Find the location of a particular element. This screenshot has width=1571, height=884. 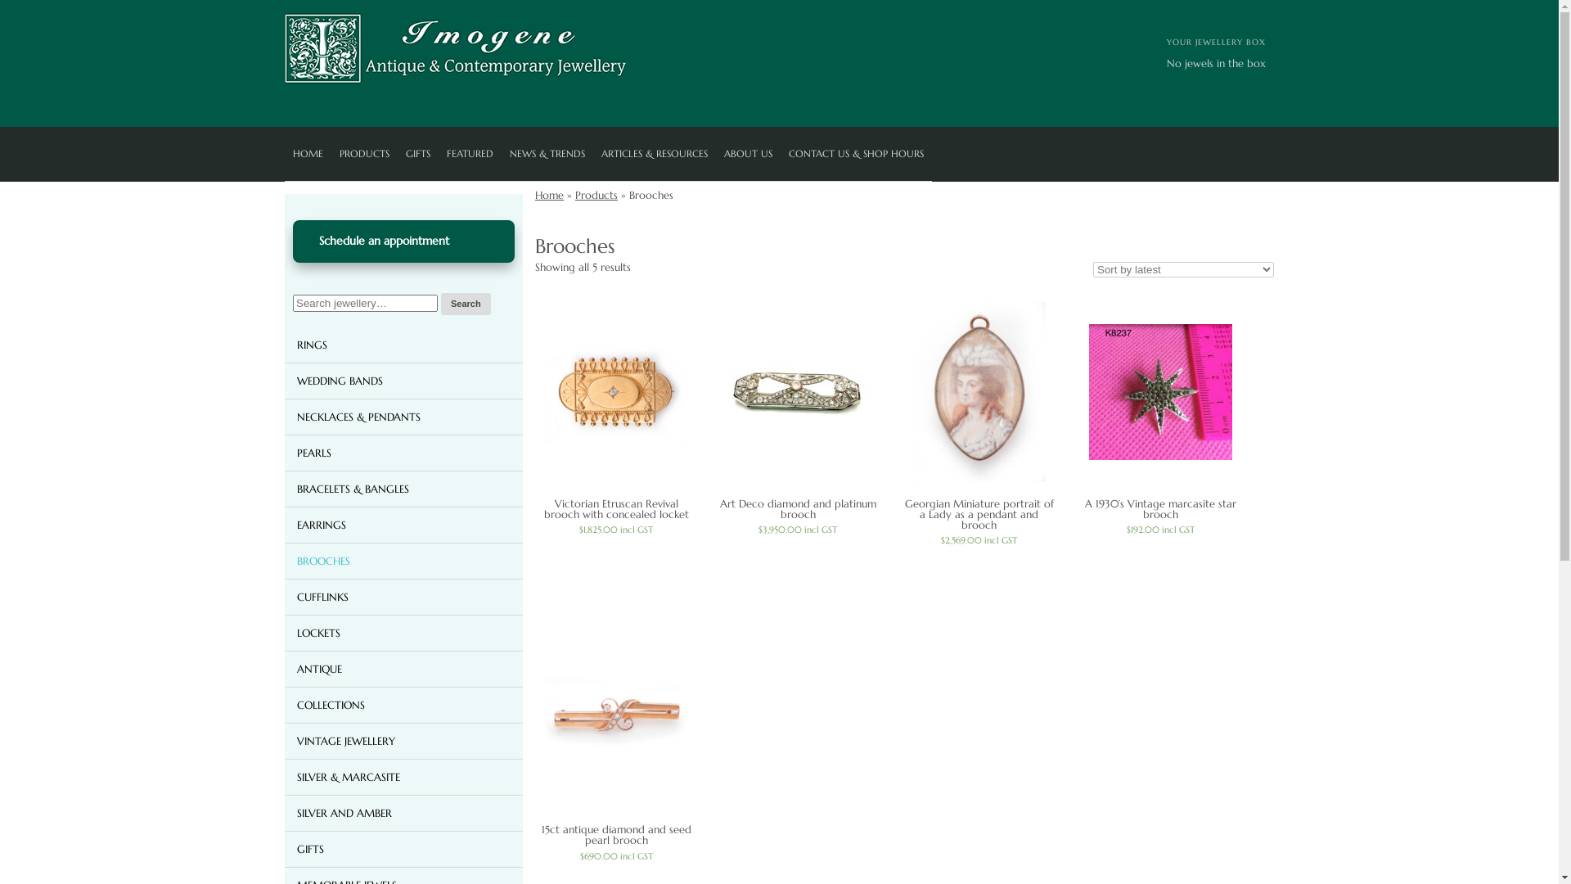

'SILVER & MARCASITE' is located at coordinates (403, 775).